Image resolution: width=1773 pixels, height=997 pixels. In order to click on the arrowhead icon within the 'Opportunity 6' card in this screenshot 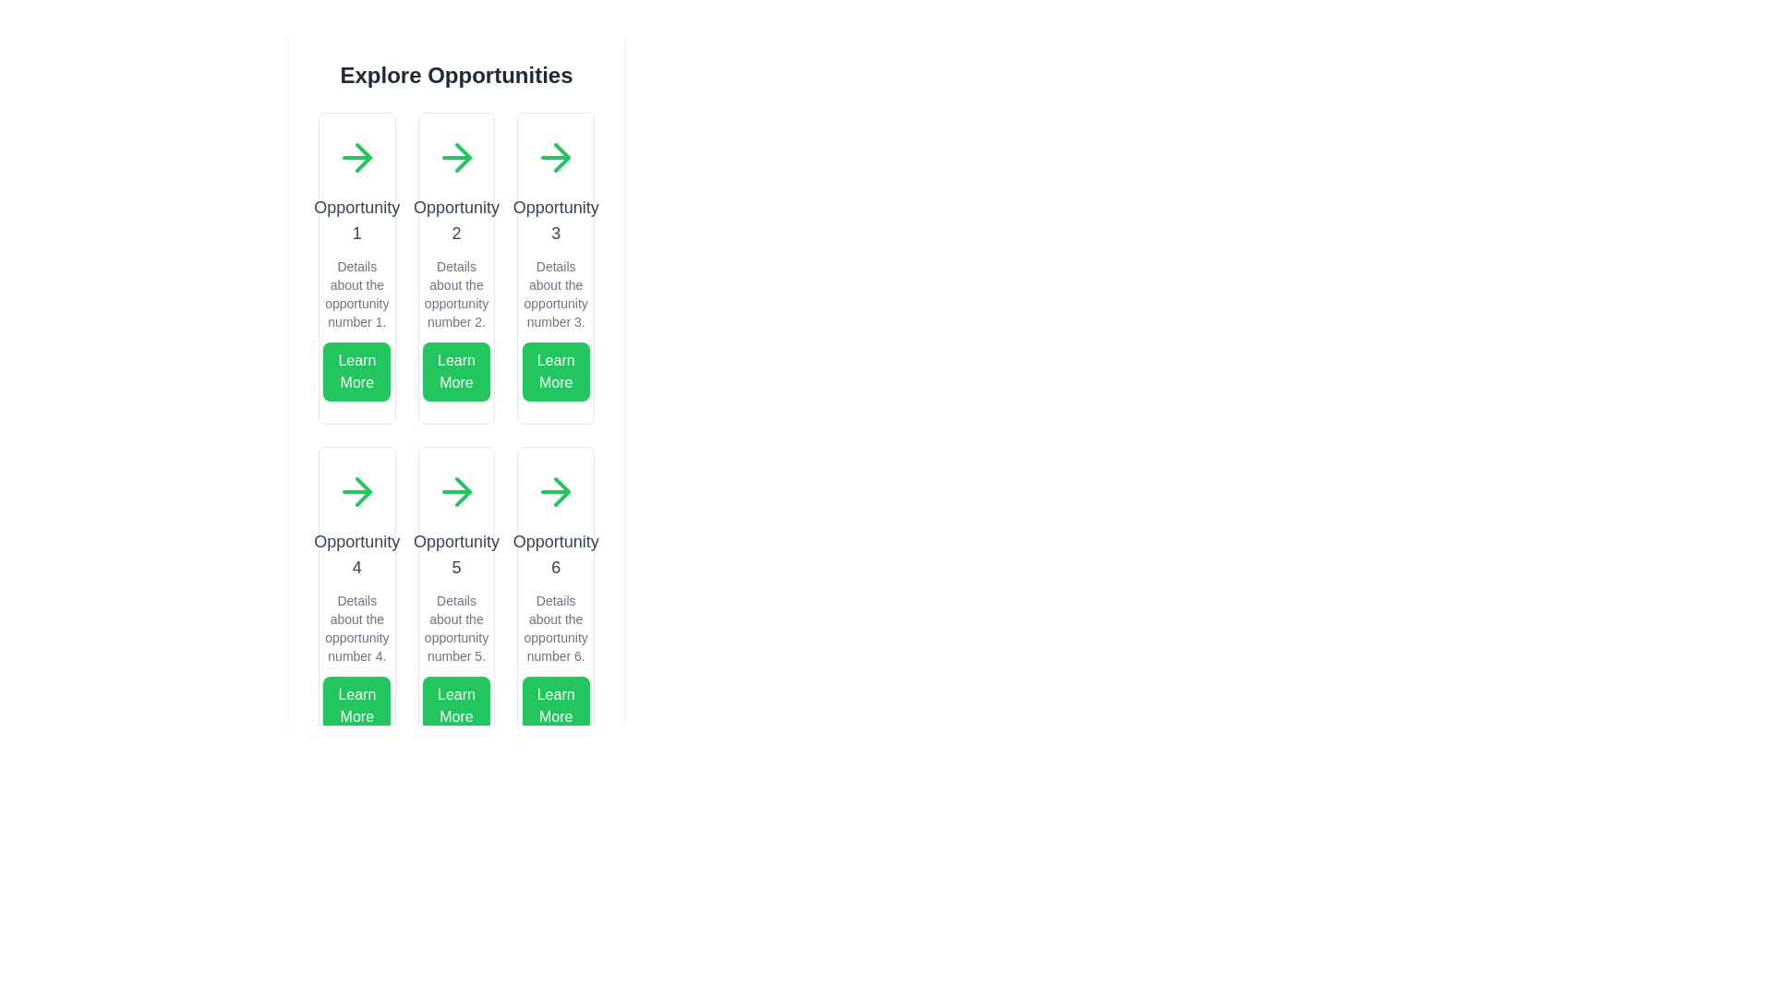, I will do `click(561, 490)`.